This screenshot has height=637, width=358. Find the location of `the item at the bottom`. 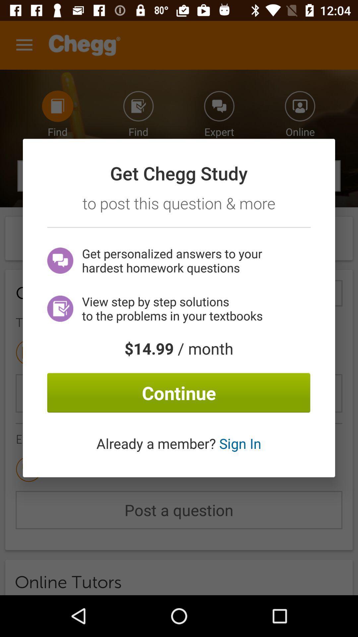

the item at the bottom is located at coordinates (178, 443).